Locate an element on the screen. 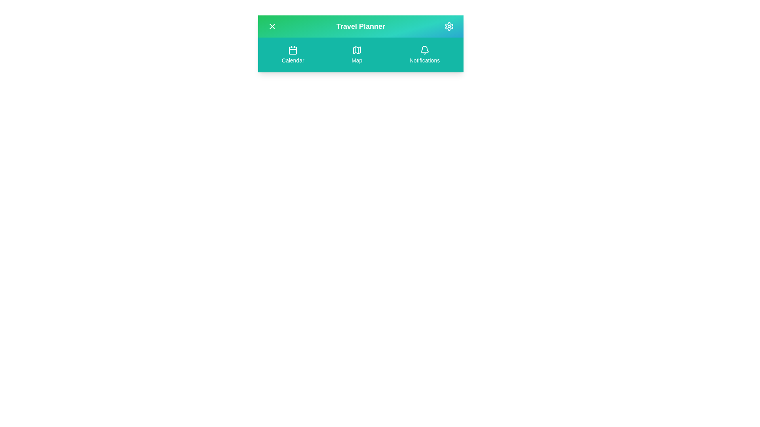 This screenshot has width=760, height=427. the settings button is located at coordinates (449, 26).